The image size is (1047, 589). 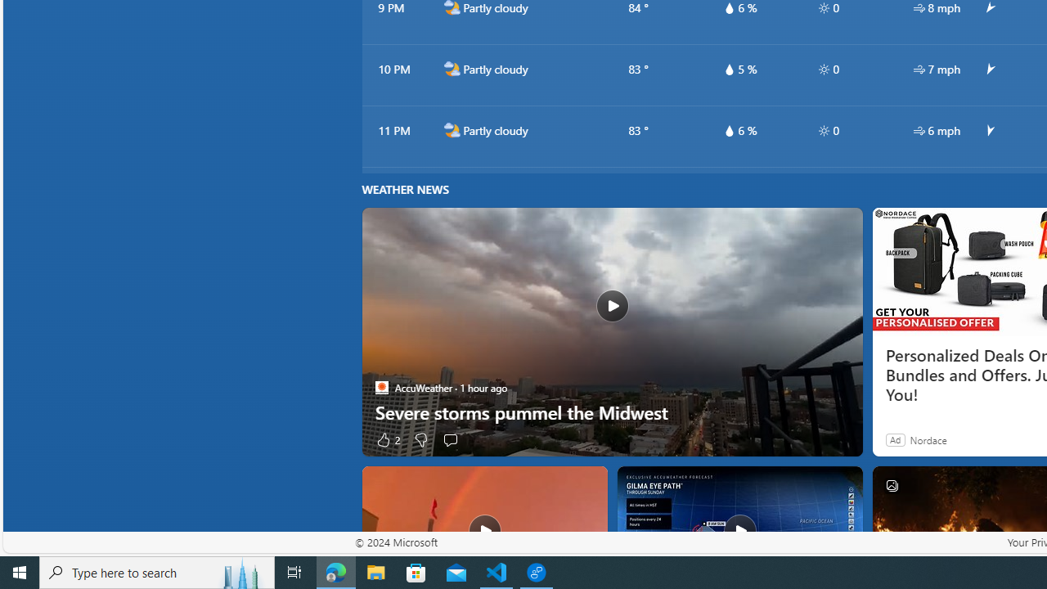 I want to click on 'Start the conversation', so click(x=451, y=438).